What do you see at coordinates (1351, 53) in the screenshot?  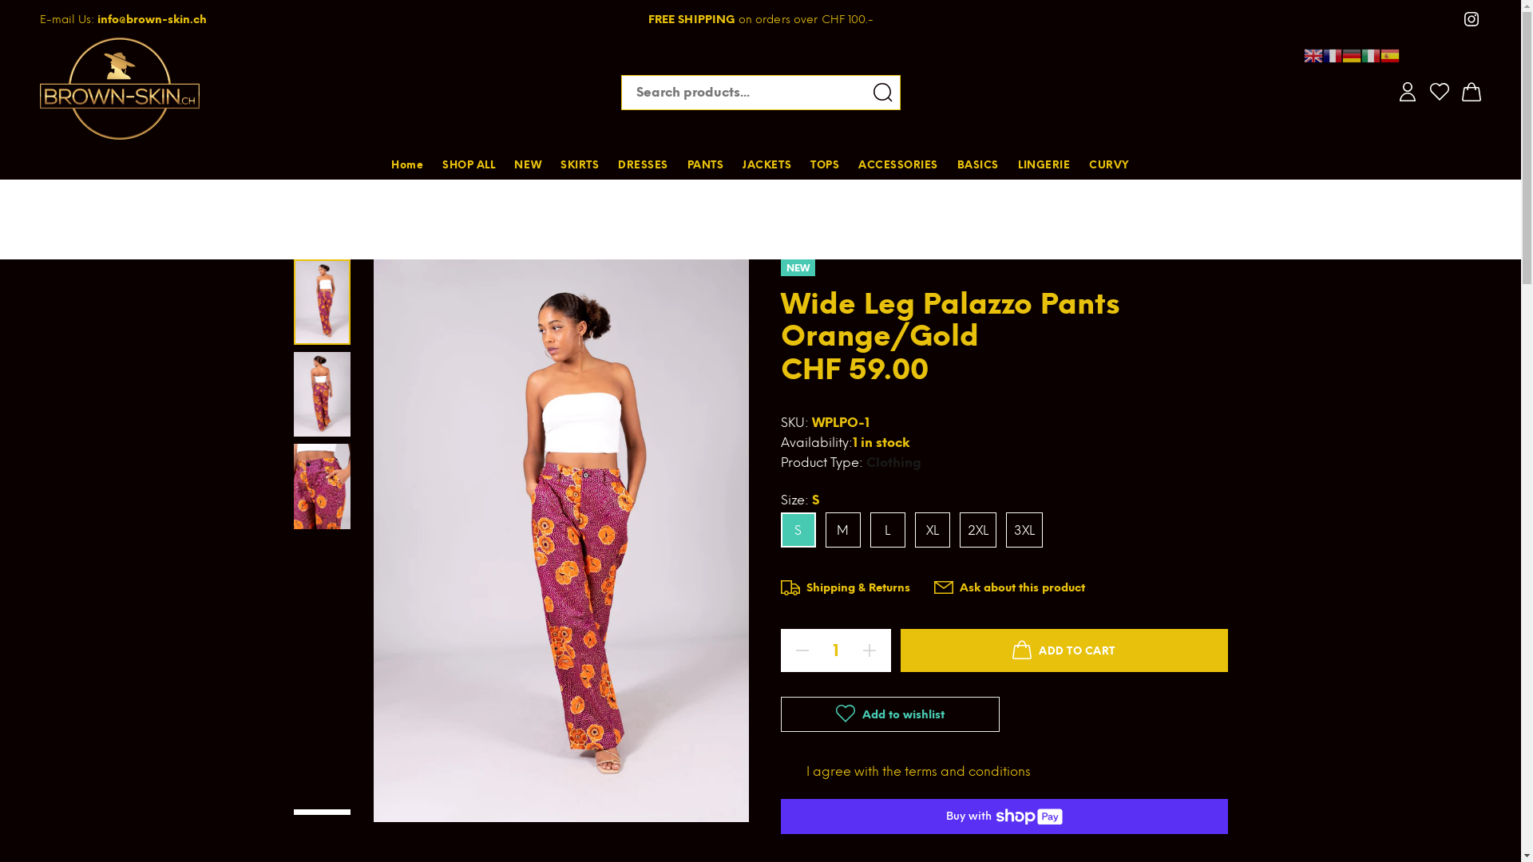 I see `'German'` at bounding box center [1351, 53].